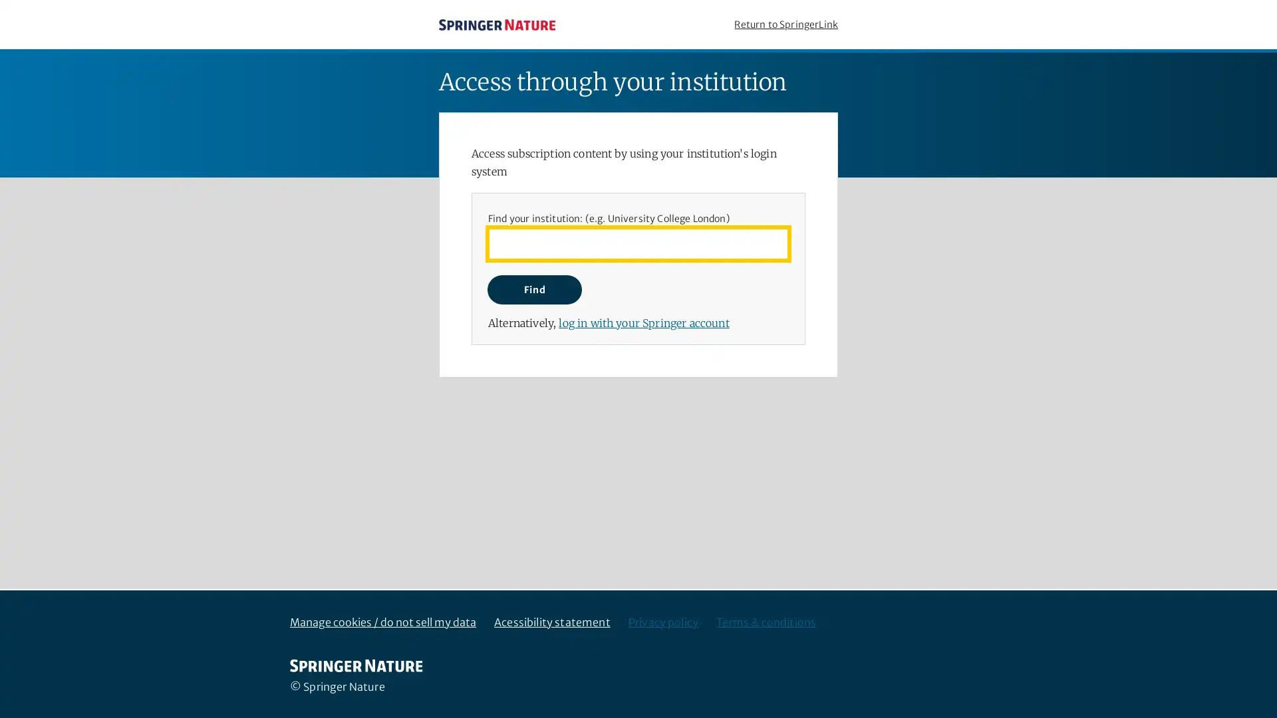 The width and height of the screenshot is (1277, 718). What do you see at coordinates (534, 289) in the screenshot?
I see `Find` at bounding box center [534, 289].